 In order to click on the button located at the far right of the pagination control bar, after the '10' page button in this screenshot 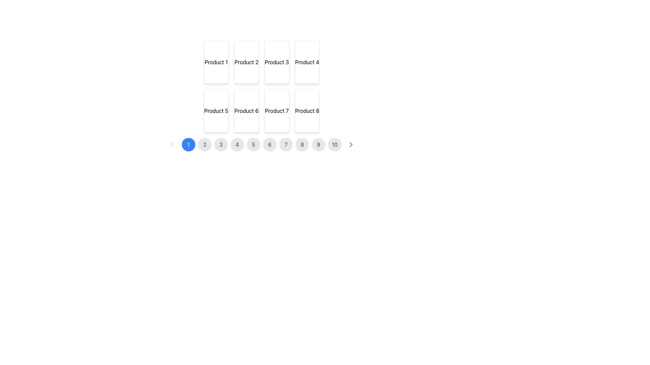, I will do `click(351, 144)`.